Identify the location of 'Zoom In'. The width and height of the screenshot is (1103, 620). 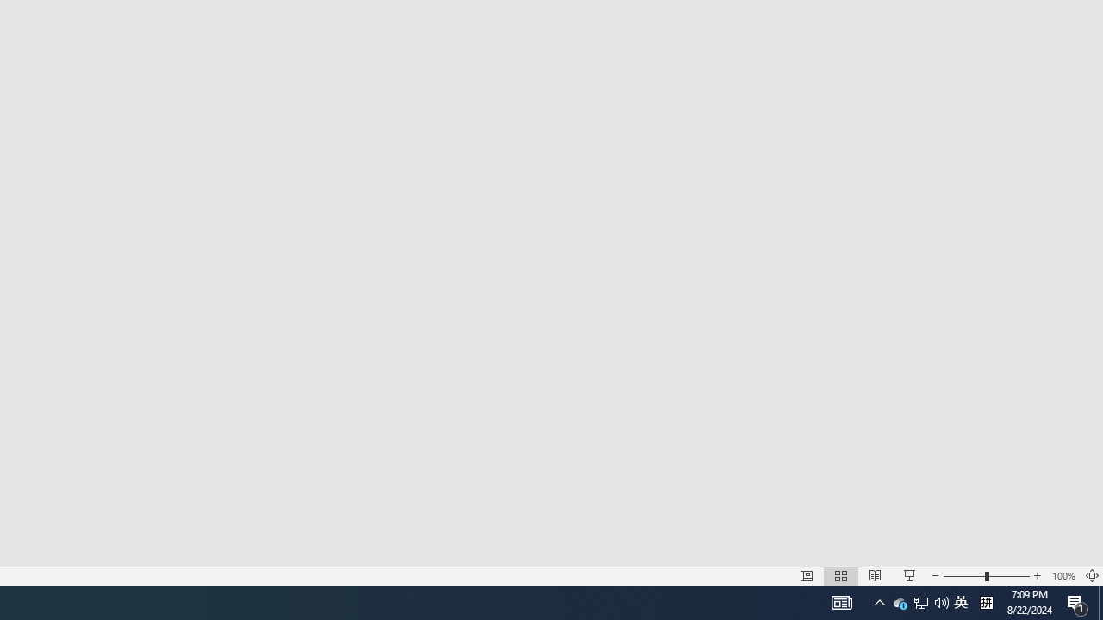
(1037, 576).